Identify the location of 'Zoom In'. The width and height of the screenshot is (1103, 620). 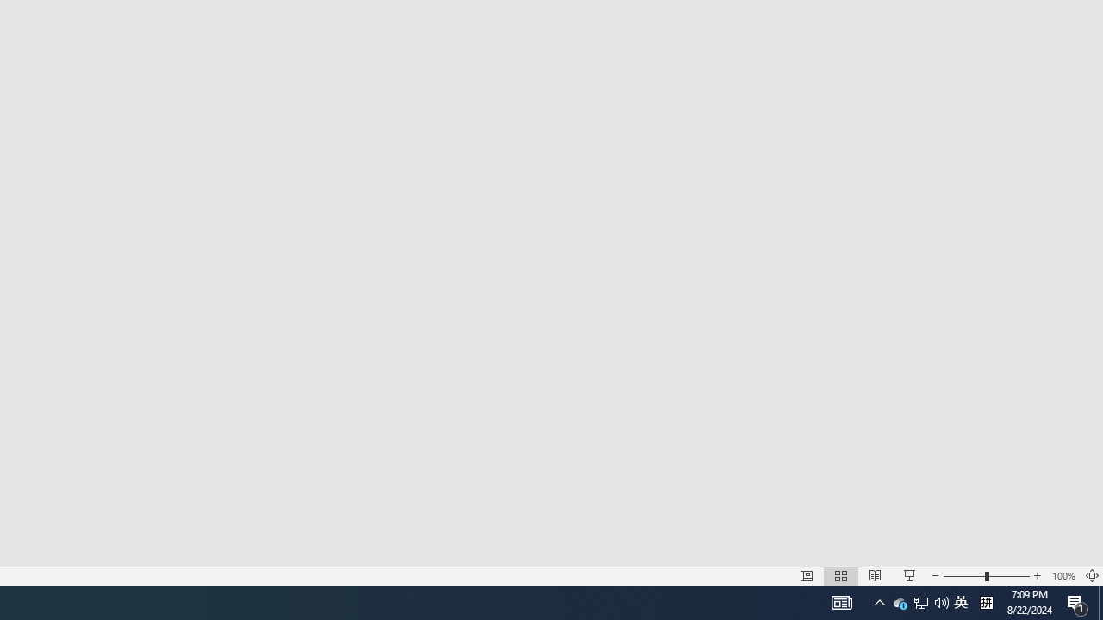
(1037, 576).